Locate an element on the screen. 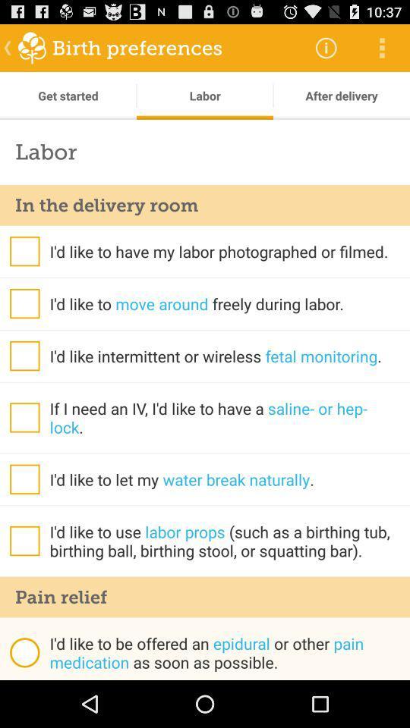 This screenshot has height=728, width=410. the app next to the labor icon is located at coordinates (325, 47).